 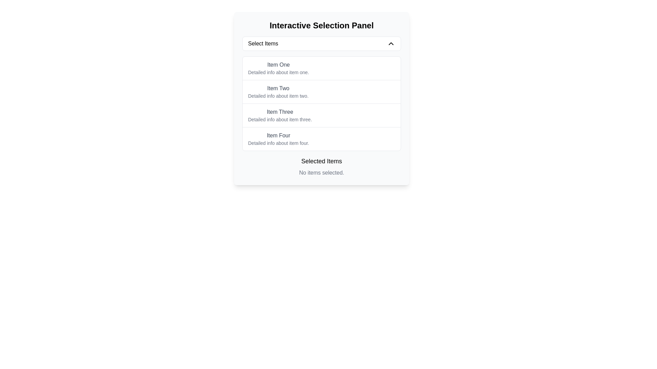 What do you see at coordinates (321, 91) in the screenshot?
I see `the list item element displaying 'Item Two' with additional information below it, located in the Interactive Selection Panel` at bounding box center [321, 91].